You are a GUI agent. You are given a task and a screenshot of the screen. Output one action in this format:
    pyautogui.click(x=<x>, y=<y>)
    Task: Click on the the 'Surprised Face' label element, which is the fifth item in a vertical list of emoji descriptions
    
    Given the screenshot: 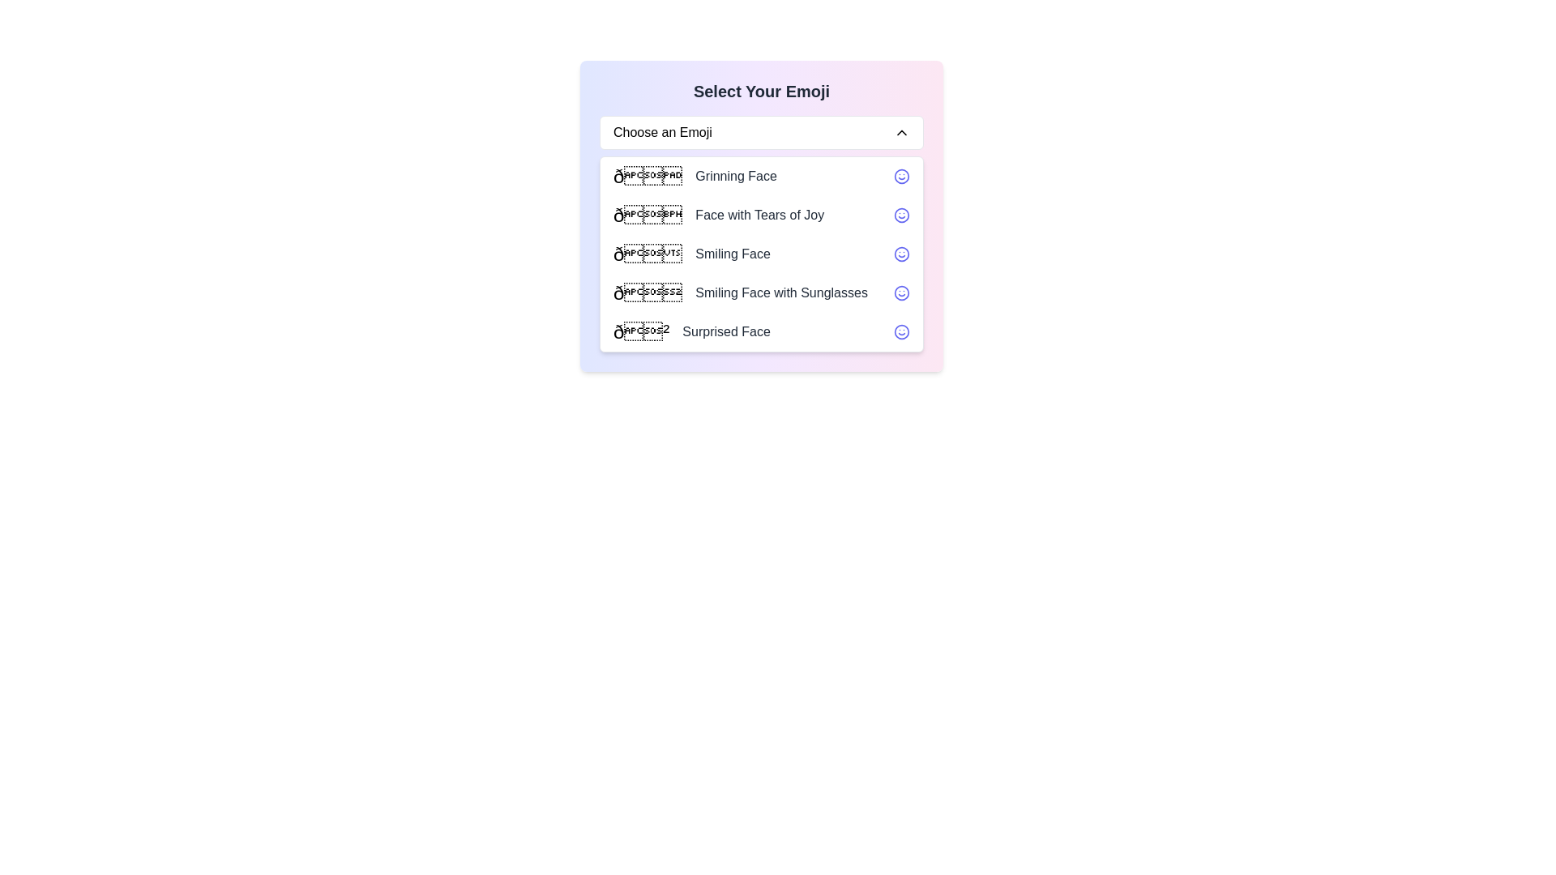 What is the action you would take?
    pyautogui.click(x=725, y=331)
    